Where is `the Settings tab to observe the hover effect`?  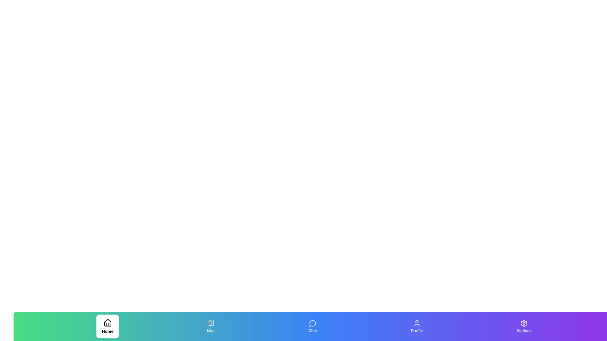 the Settings tab to observe the hover effect is located at coordinates (524, 326).